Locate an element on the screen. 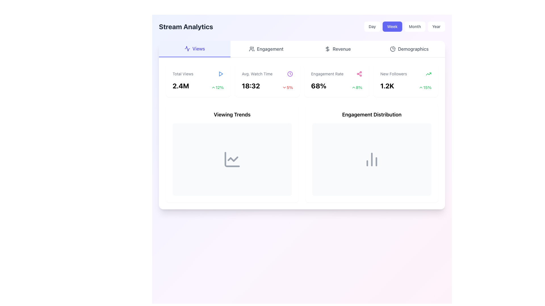  the chevron icon indicating a positive trend next to the '15%' percentage in the bottom-right of the 'New Followers' card is located at coordinates (421, 87).